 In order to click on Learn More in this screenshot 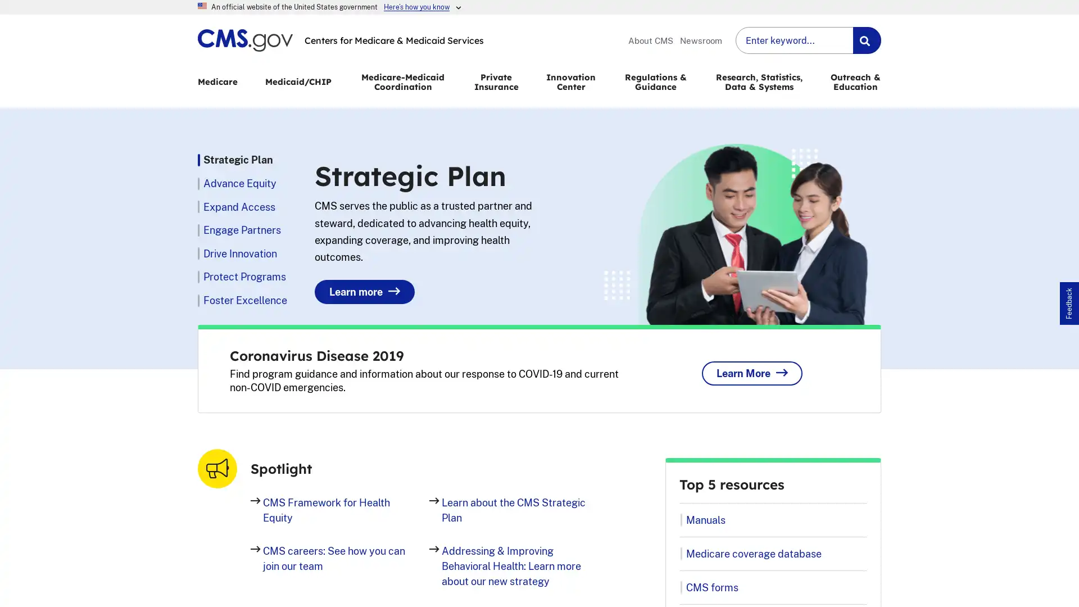, I will do `click(751, 373)`.